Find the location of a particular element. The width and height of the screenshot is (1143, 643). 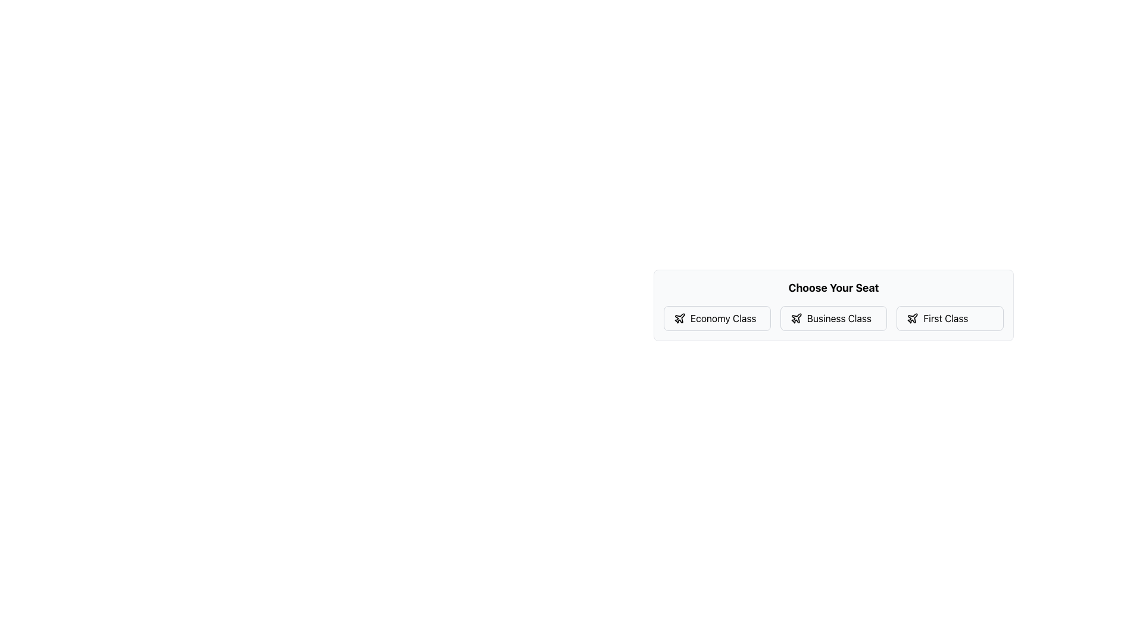

the airplane icon located to the left of the 'Economy Class' text within the button is located at coordinates (680, 318).